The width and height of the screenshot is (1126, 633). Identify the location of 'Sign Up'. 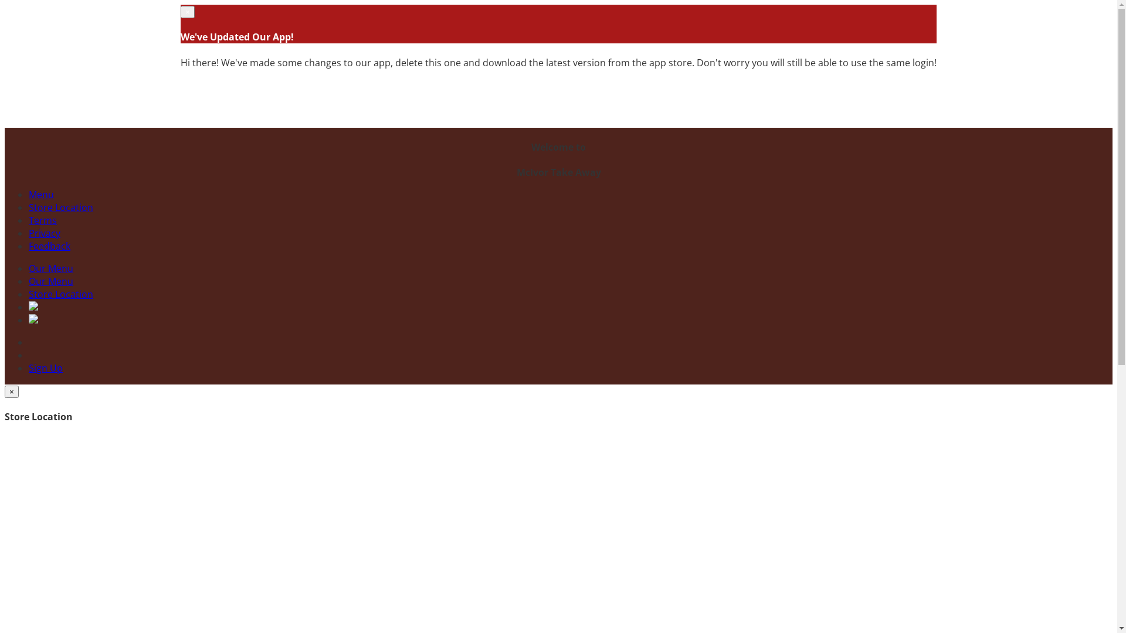
(45, 367).